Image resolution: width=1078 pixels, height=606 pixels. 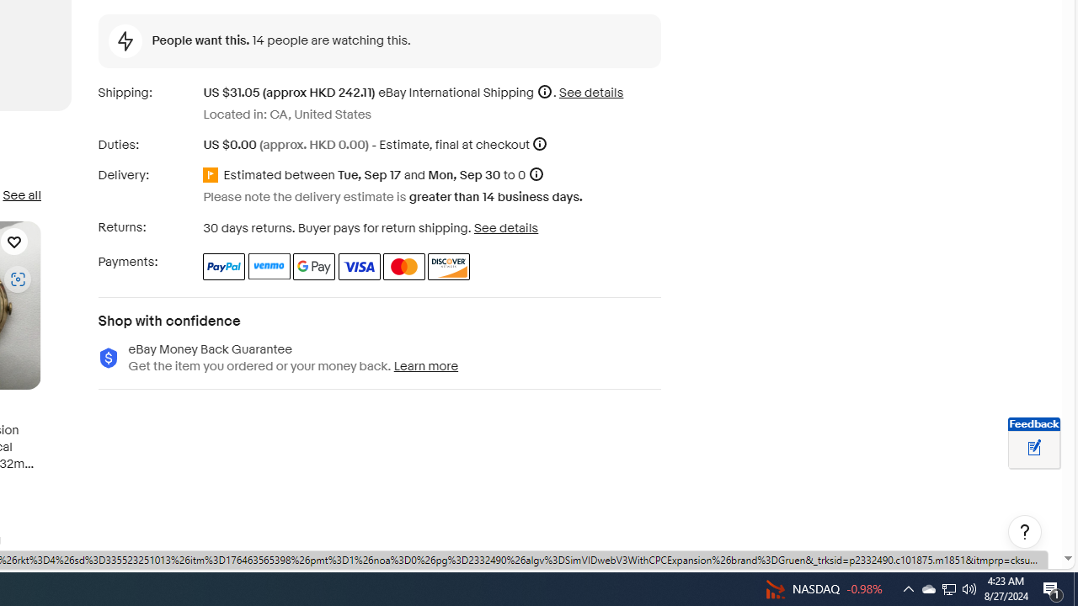 I want to click on 'Google Pay', so click(x=314, y=265).